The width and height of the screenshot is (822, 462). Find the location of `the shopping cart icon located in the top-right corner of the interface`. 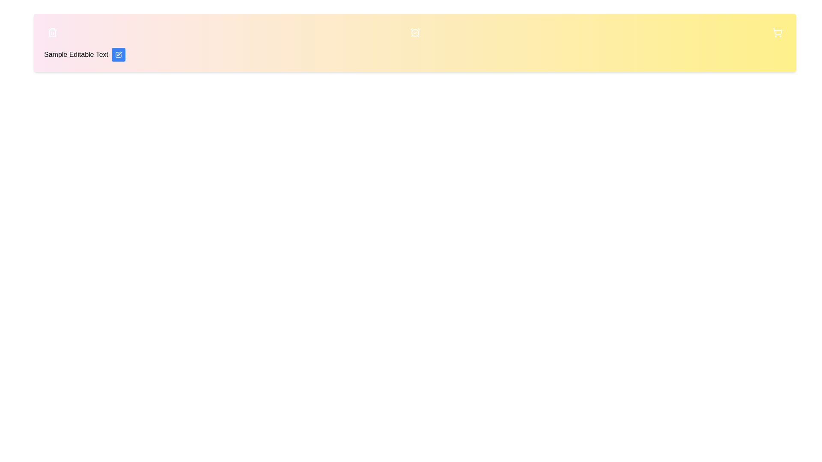

the shopping cart icon located in the top-right corner of the interface is located at coordinates (777, 32).